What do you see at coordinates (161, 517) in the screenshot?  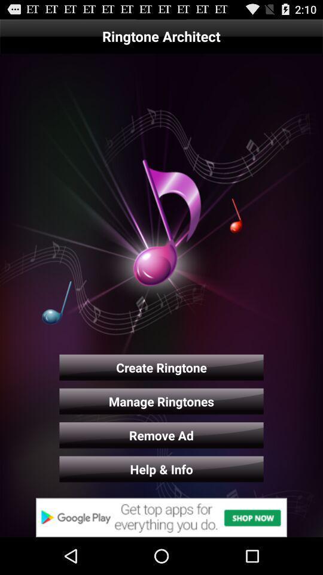 I see `google play advertisement` at bounding box center [161, 517].